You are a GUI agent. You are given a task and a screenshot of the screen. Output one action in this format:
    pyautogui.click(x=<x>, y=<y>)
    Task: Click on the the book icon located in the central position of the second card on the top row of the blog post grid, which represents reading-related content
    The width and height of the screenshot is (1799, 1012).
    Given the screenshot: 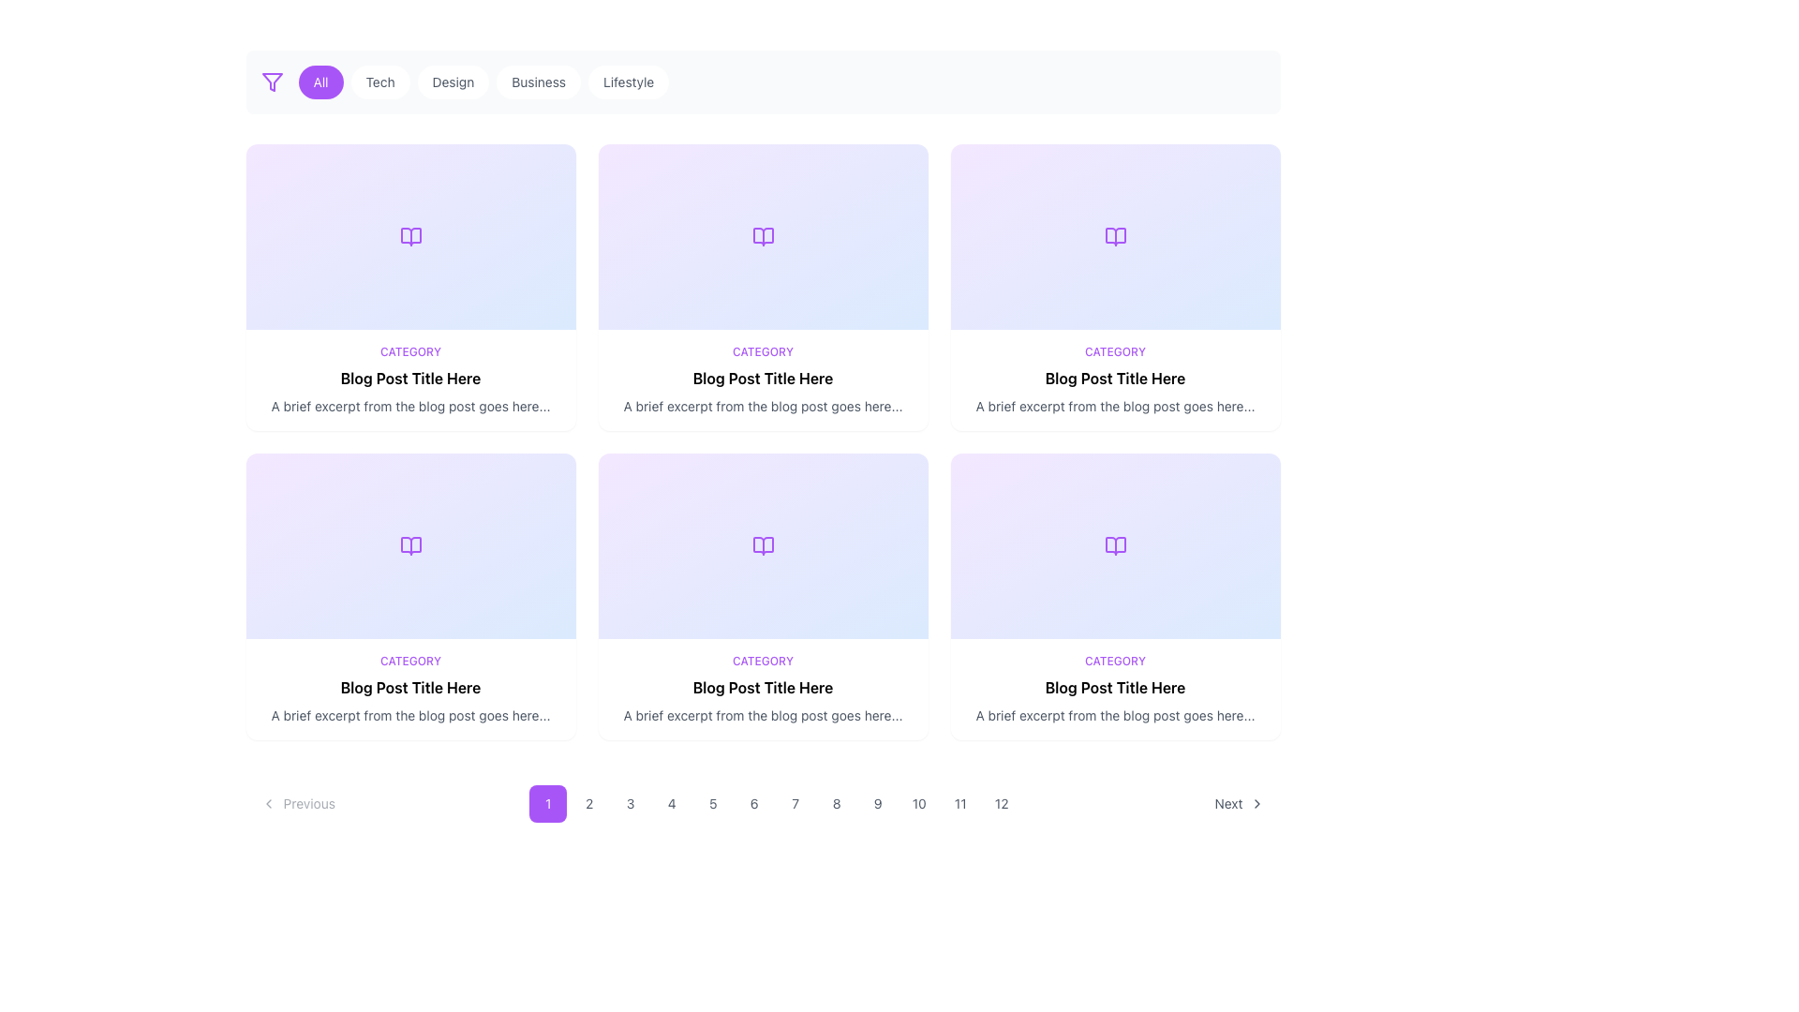 What is the action you would take?
    pyautogui.click(x=763, y=236)
    